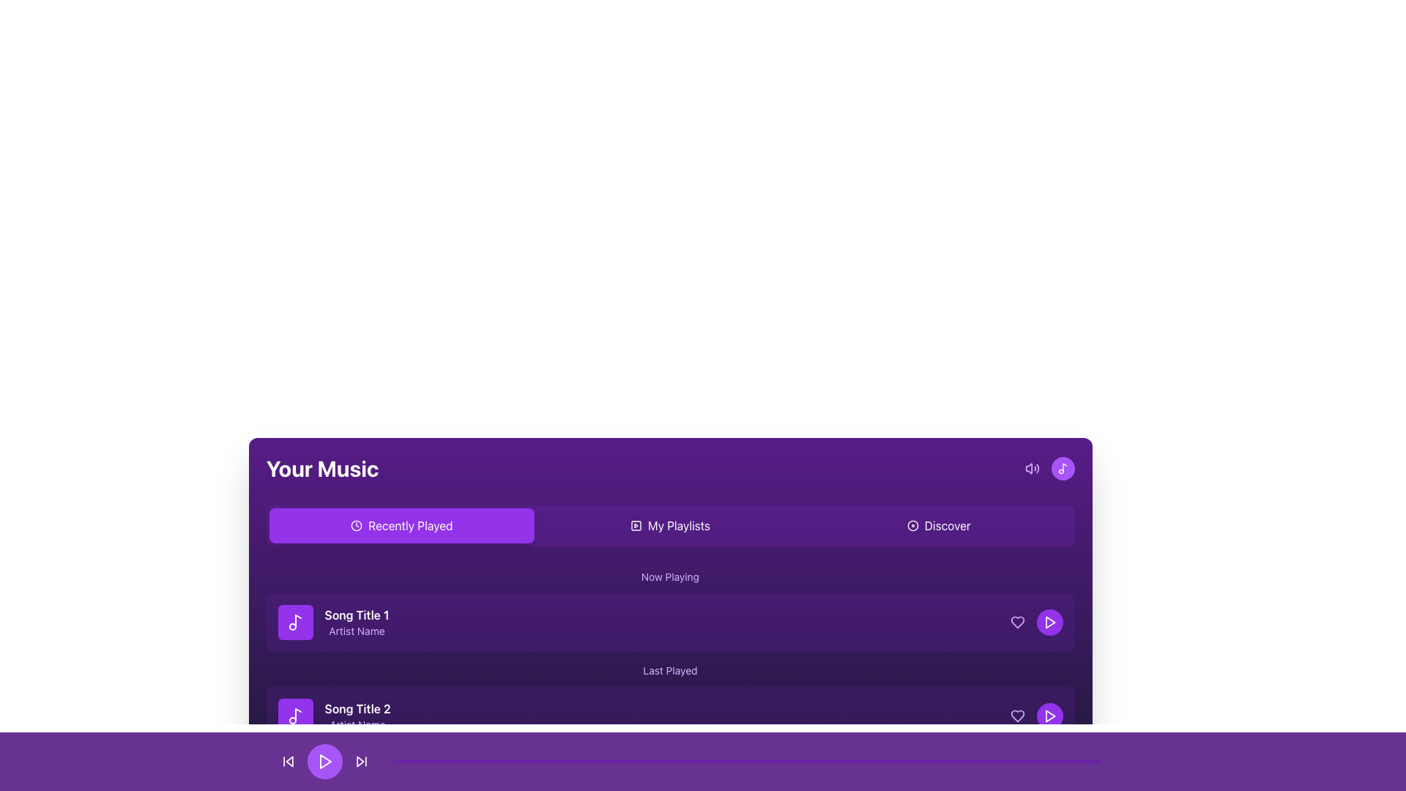  What do you see at coordinates (357, 708) in the screenshot?
I see `text label that serves as the title of a song in the playlist, positioned in the second row under 'Your Music.'` at bounding box center [357, 708].